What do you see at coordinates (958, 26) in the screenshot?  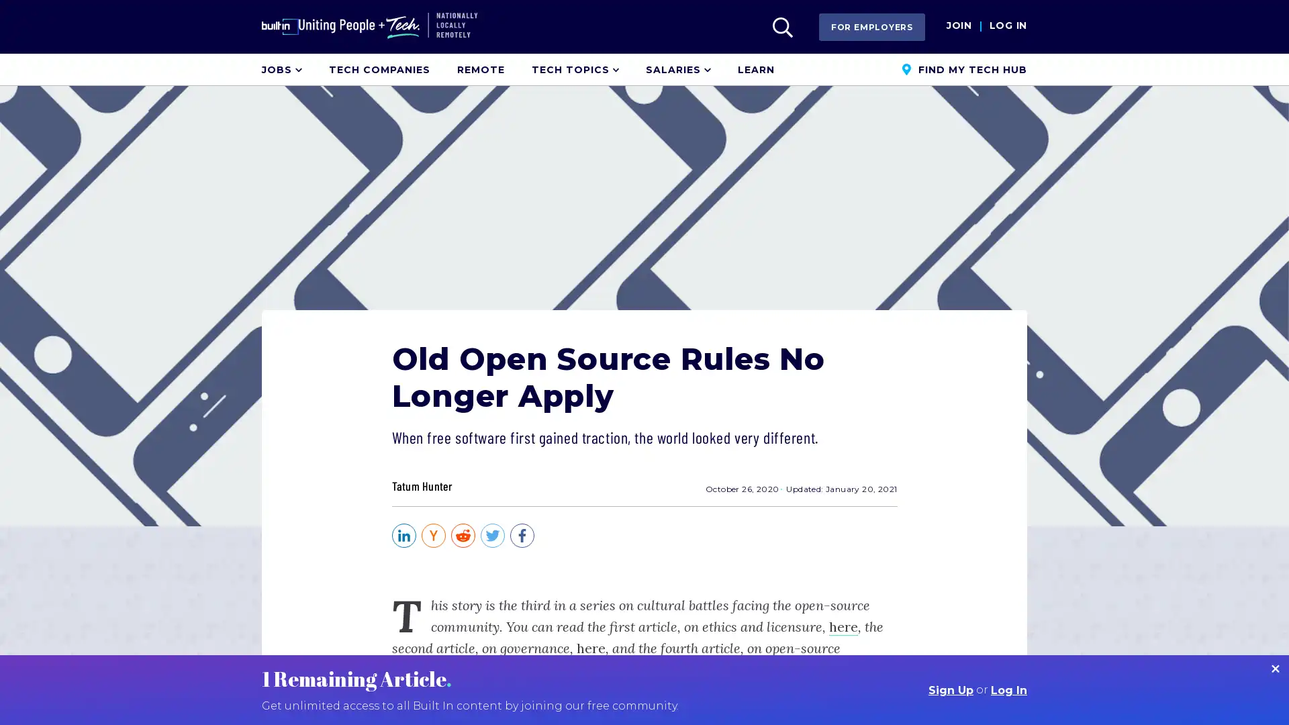 I see `JOIN` at bounding box center [958, 26].